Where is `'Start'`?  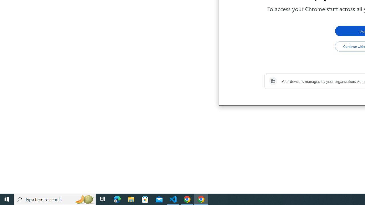 'Start' is located at coordinates (7, 199).